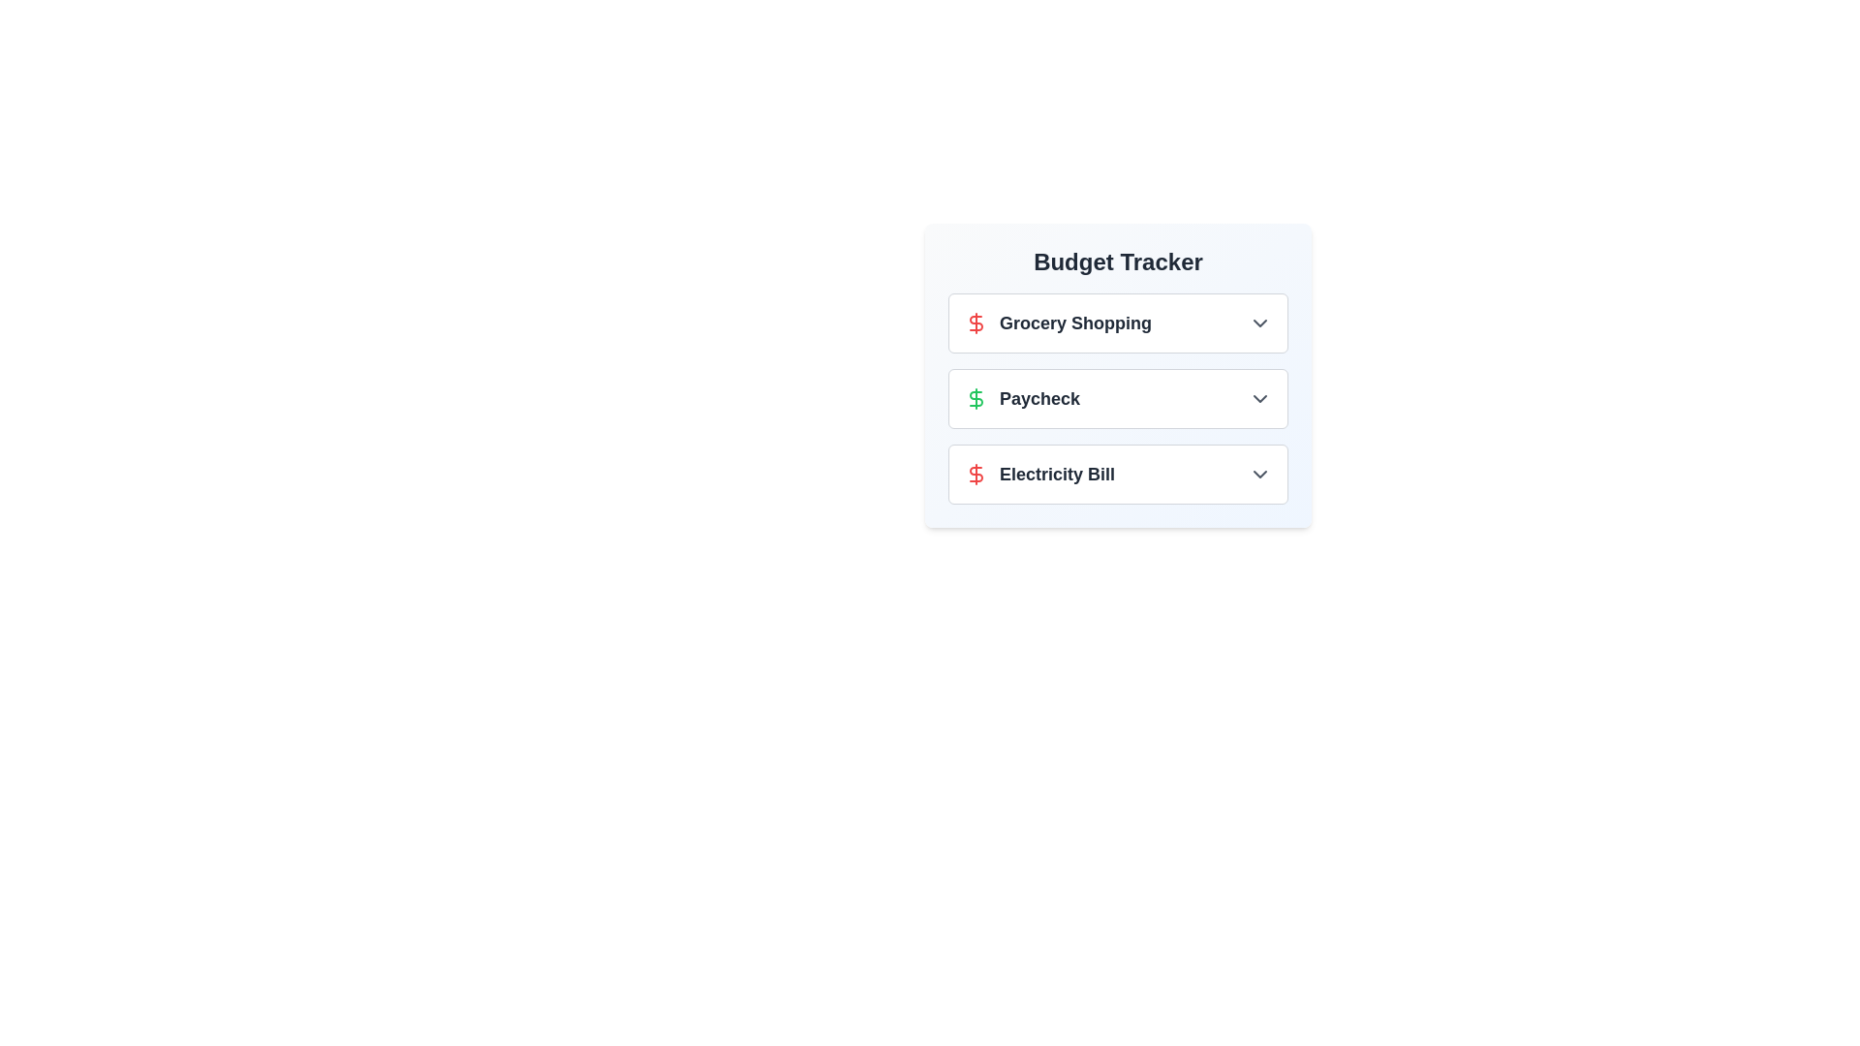  Describe the element at coordinates (976, 474) in the screenshot. I see `the icon representing the transaction type for Electricity Bill` at that location.